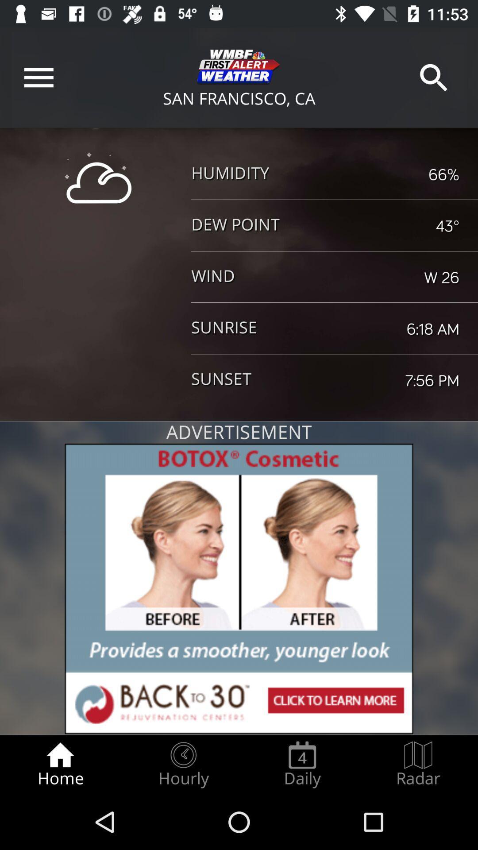 Image resolution: width=478 pixels, height=850 pixels. I want to click on the item next to the radar item, so click(302, 764).